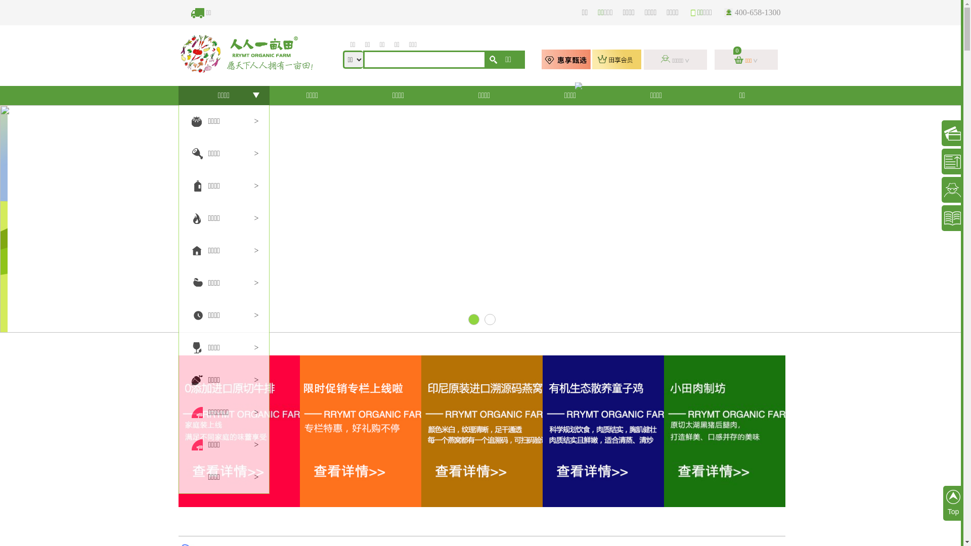 Image resolution: width=971 pixels, height=546 pixels. Describe the element at coordinates (484, 320) in the screenshot. I see `'2'` at that location.